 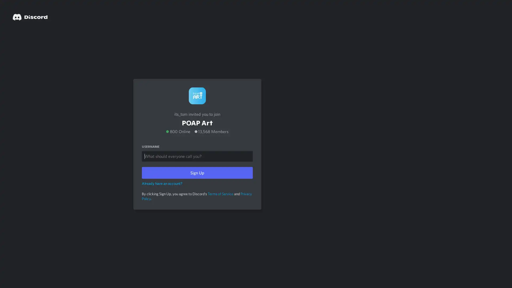 What do you see at coordinates (197, 173) in the screenshot?
I see `Sign Up` at bounding box center [197, 173].